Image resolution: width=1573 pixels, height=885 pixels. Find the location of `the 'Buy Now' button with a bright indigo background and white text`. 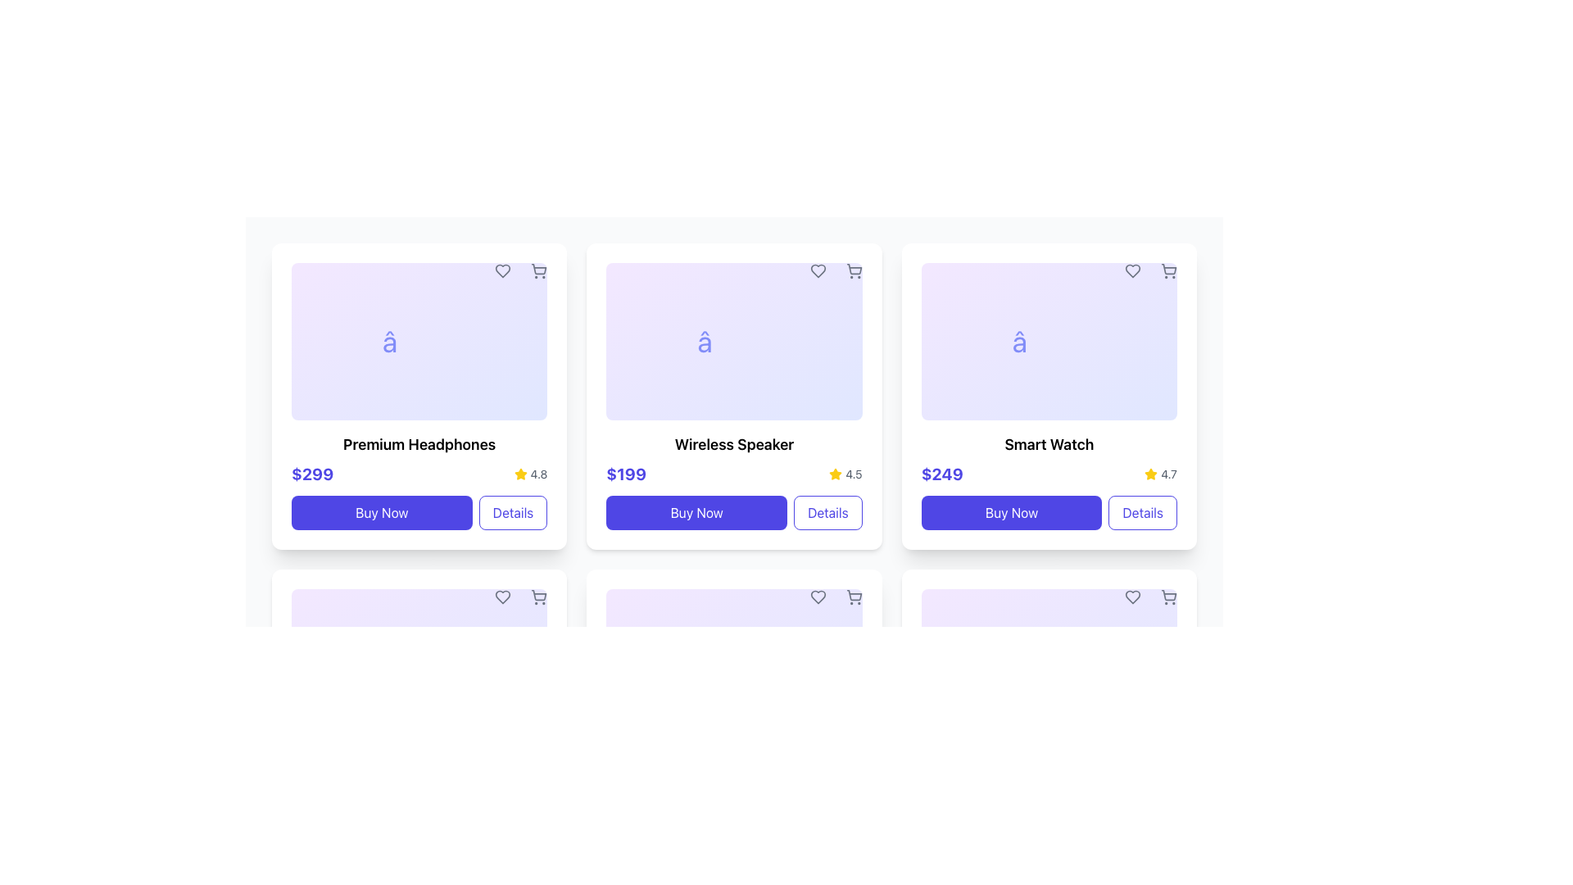

the 'Buy Now' button with a bright indigo background and white text is located at coordinates (1010, 511).